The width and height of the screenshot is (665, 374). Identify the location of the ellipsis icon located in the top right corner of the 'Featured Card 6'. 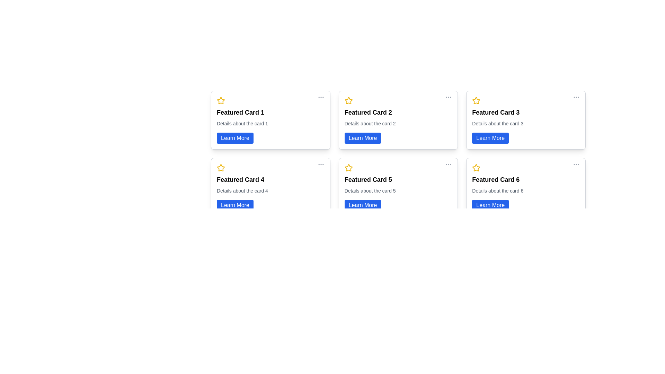
(576, 164).